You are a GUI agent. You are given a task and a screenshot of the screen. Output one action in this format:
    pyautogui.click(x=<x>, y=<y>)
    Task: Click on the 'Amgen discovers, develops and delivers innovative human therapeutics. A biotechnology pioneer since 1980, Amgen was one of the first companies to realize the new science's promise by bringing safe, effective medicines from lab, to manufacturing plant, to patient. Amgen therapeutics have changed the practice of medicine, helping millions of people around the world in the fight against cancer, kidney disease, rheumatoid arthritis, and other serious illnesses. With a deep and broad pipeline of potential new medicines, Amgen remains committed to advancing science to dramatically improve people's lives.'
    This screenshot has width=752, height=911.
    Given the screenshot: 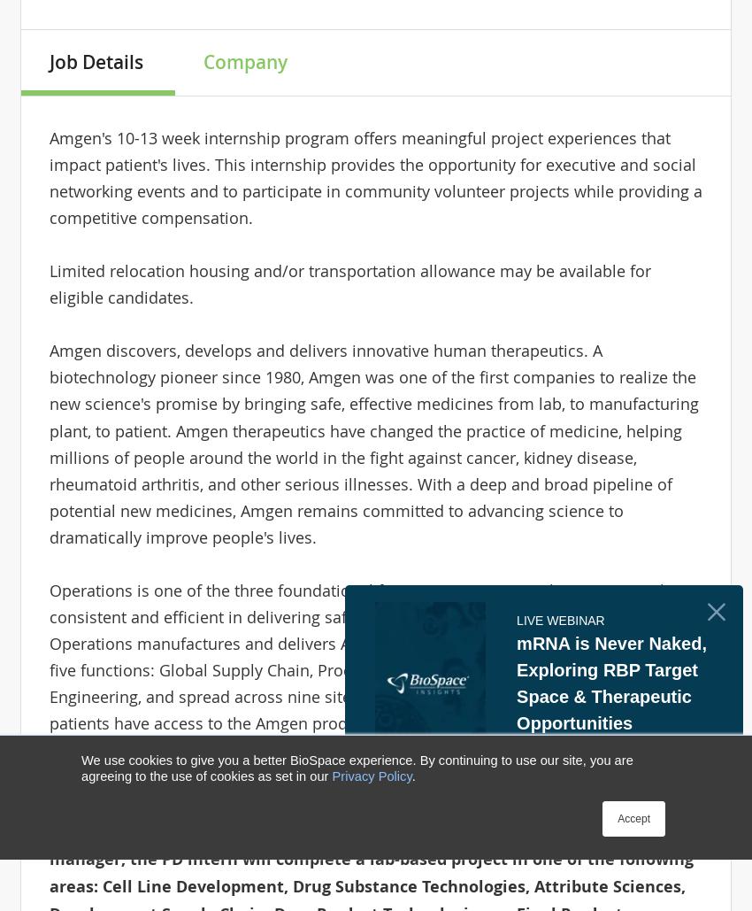 What is the action you would take?
    pyautogui.click(x=373, y=444)
    